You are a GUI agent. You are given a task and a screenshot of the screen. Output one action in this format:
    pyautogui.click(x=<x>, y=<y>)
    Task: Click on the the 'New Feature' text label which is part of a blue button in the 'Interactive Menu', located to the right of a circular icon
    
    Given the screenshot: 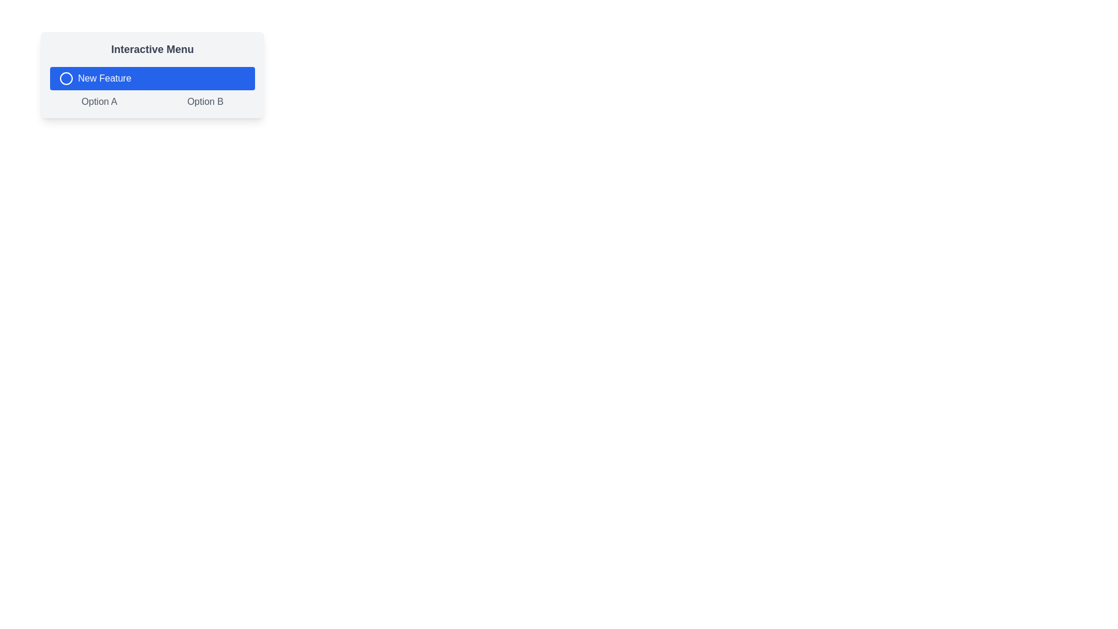 What is the action you would take?
    pyautogui.click(x=104, y=79)
    